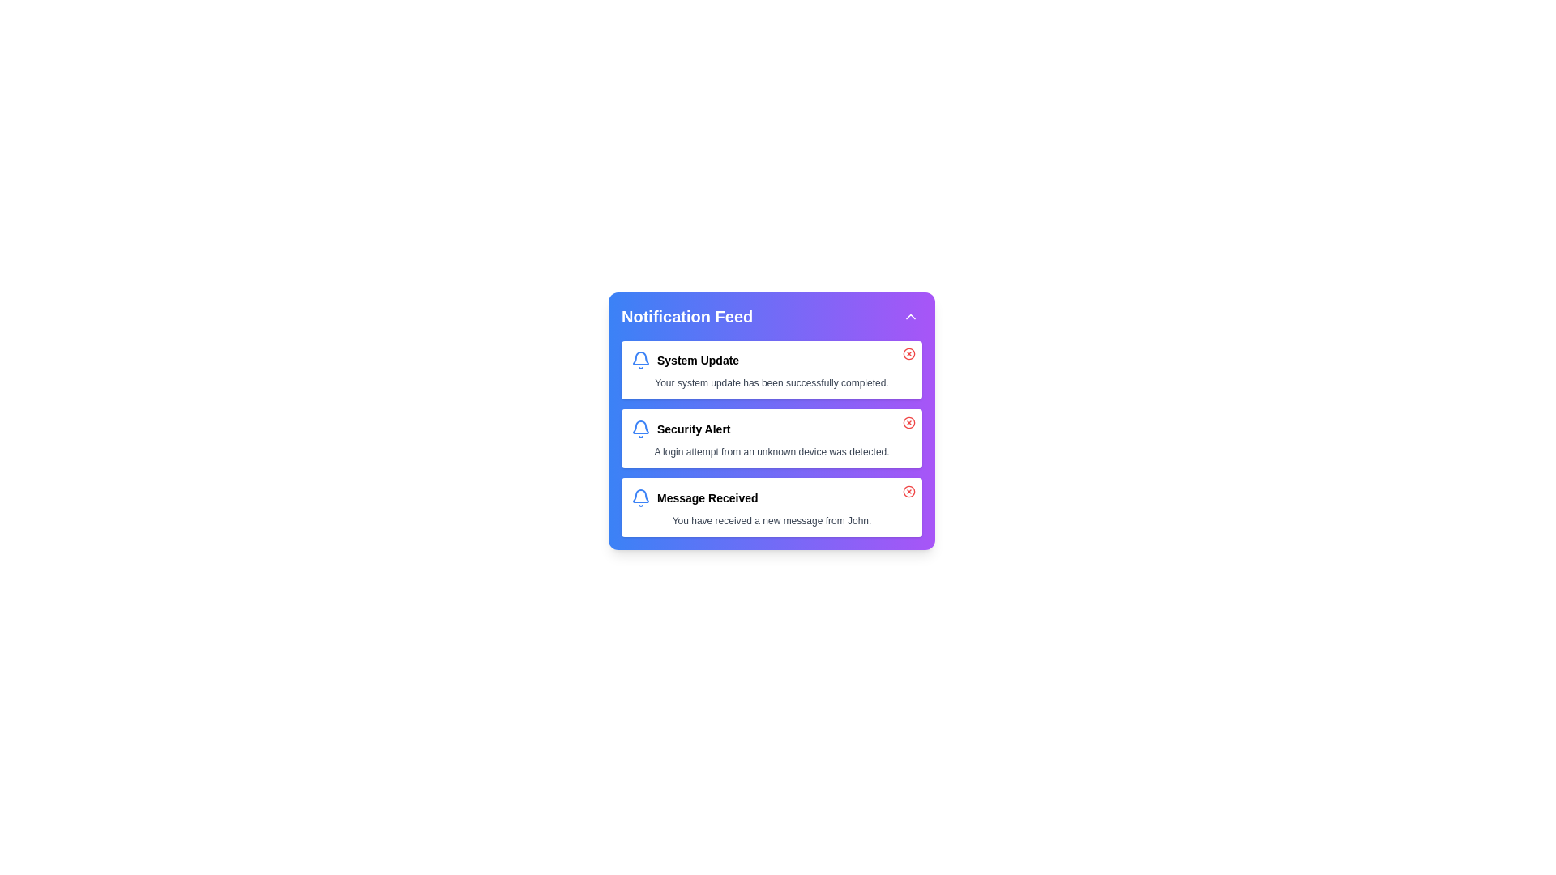 The width and height of the screenshot is (1556, 875). Describe the element at coordinates (771, 420) in the screenshot. I see `the second notification card in the feed widget that displays a security alert notification` at that location.